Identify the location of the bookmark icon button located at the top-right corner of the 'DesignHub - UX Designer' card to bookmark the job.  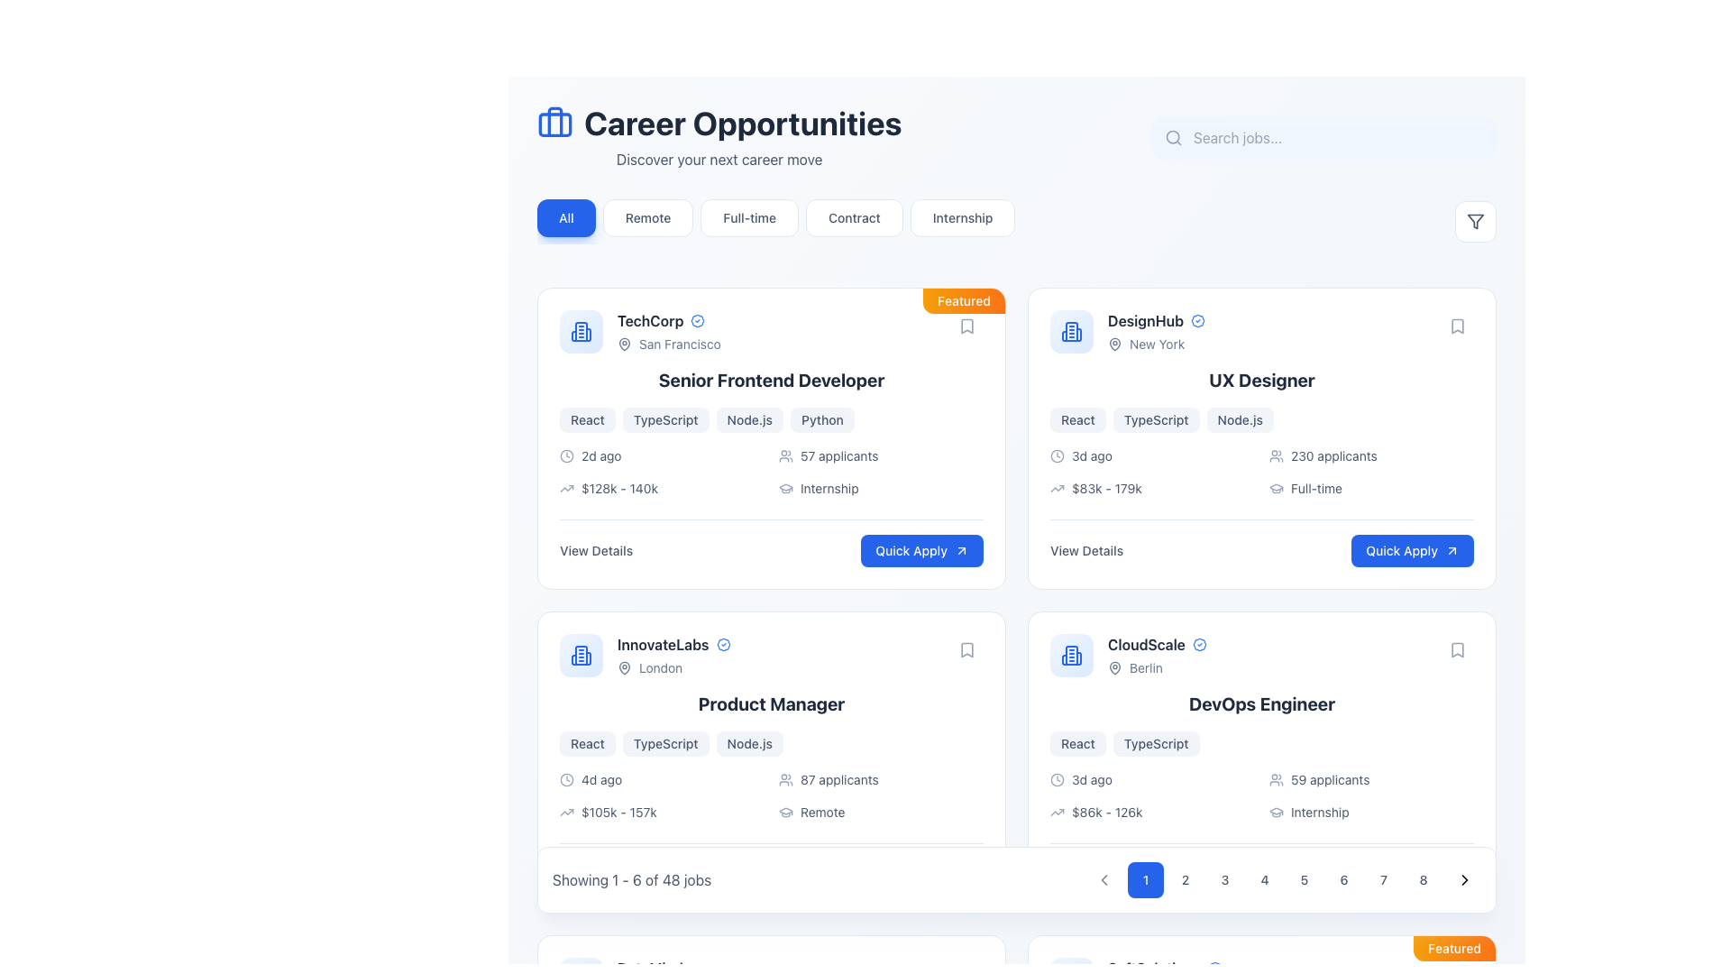
(1458, 326).